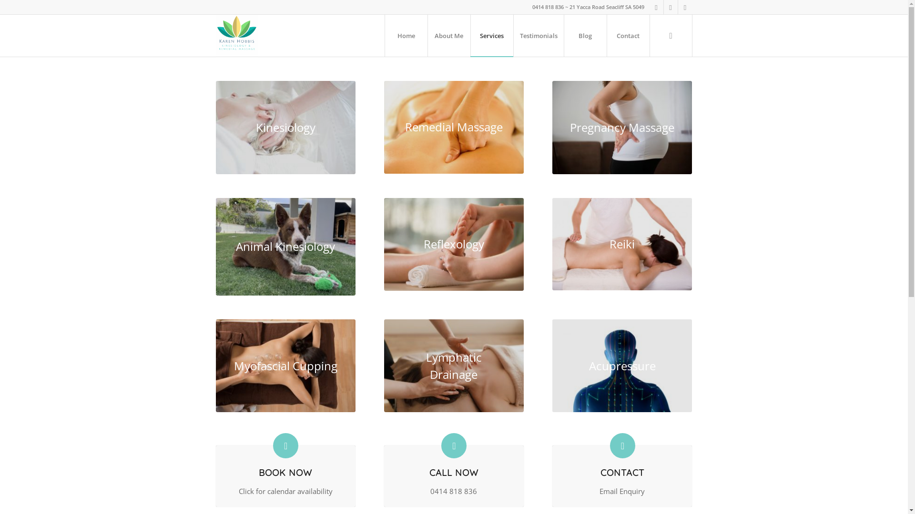 This screenshot has width=915, height=514. I want to click on 'reiki-photo', so click(622, 244).